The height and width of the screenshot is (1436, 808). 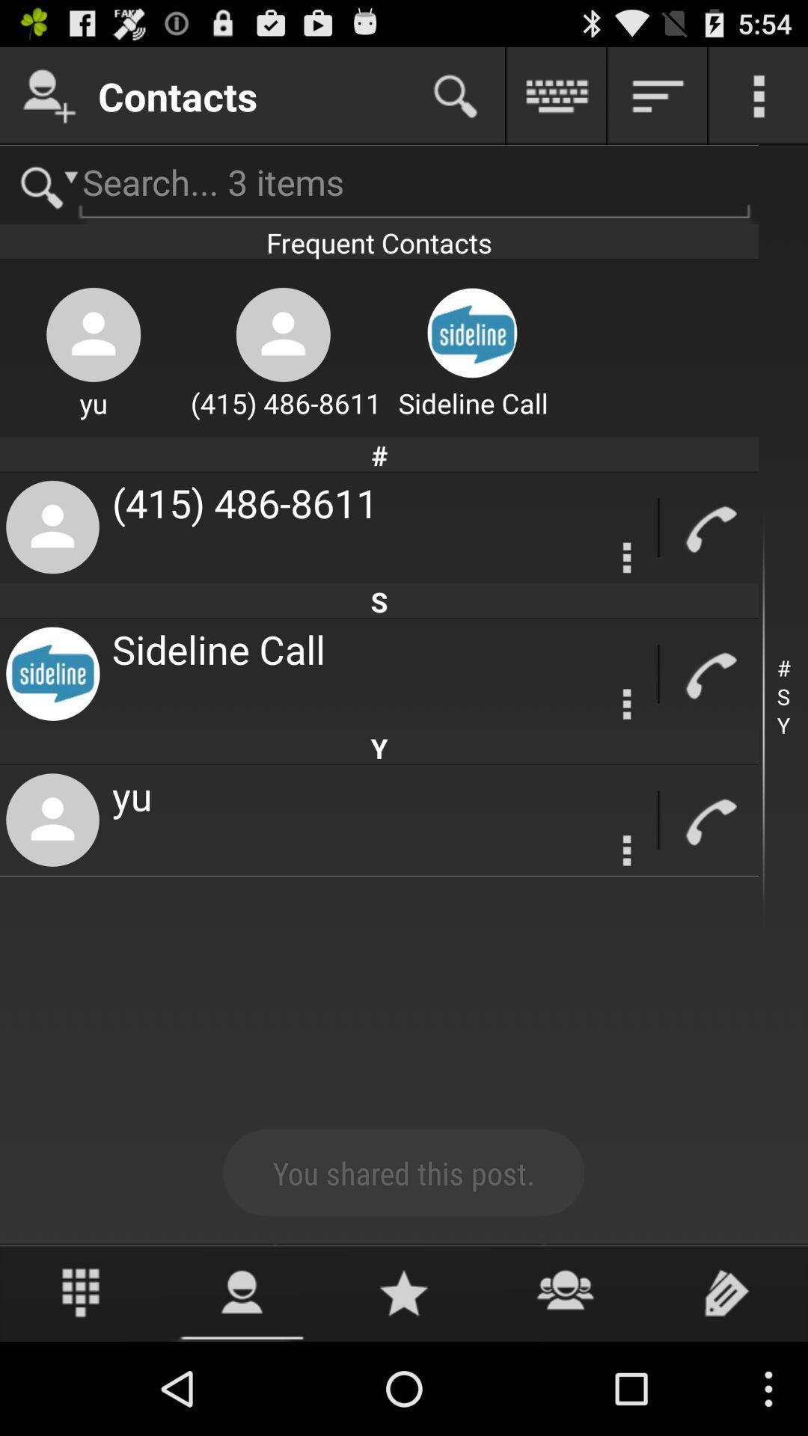 What do you see at coordinates (378, 184) in the screenshot?
I see `search for contact` at bounding box center [378, 184].